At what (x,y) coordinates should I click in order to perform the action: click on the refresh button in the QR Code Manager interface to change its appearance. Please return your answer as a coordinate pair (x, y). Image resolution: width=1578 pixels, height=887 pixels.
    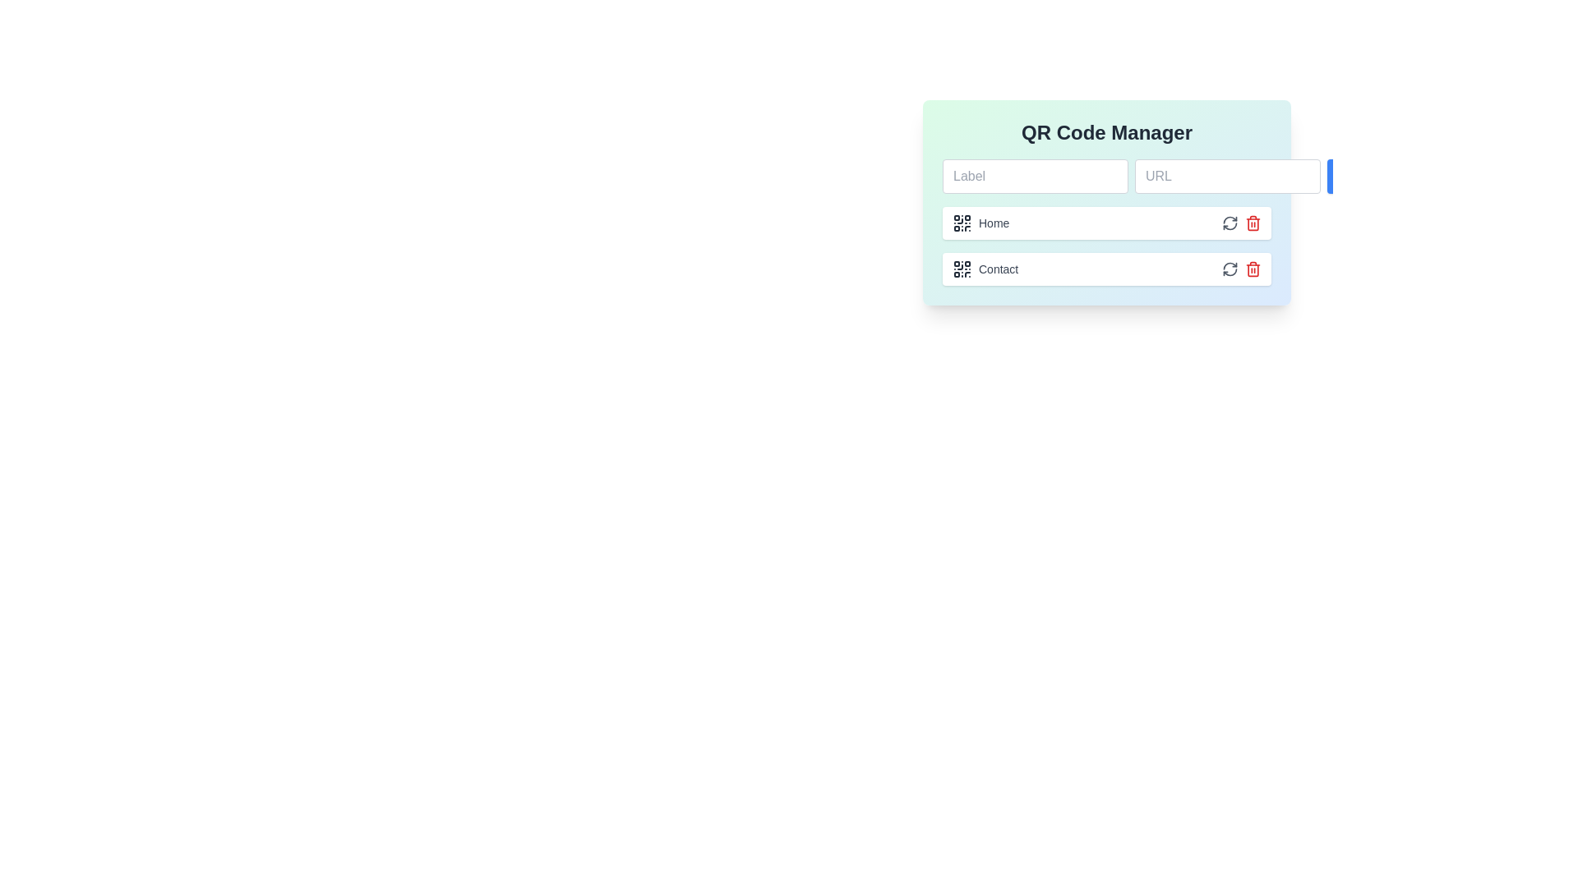
    Looking at the image, I should click on (1230, 223).